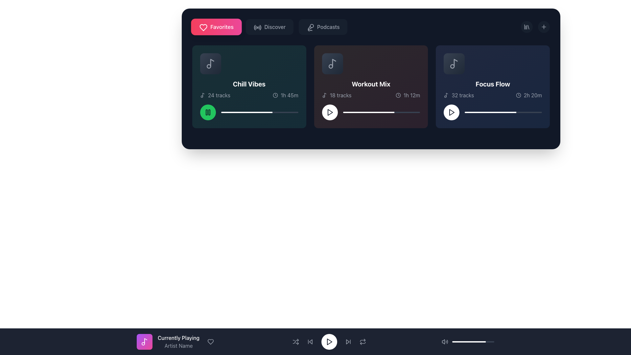 The width and height of the screenshot is (631, 355). I want to click on the informational text displaying metadata about the 'Focus Flow' playlist, including the number of tracks and total duration, located at the bottom of the 'Focus Flow' card, so click(493, 95).